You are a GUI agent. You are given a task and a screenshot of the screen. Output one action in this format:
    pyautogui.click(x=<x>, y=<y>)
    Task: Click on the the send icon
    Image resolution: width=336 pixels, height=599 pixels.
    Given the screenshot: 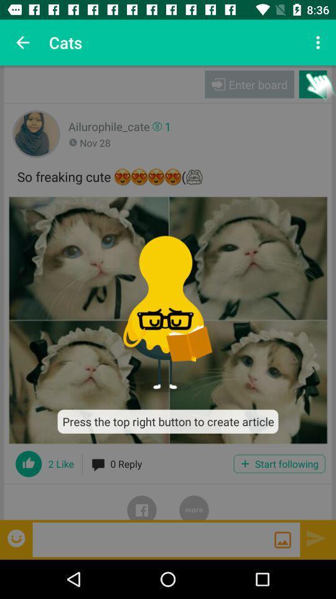 What is the action you would take?
    pyautogui.click(x=316, y=537)
    